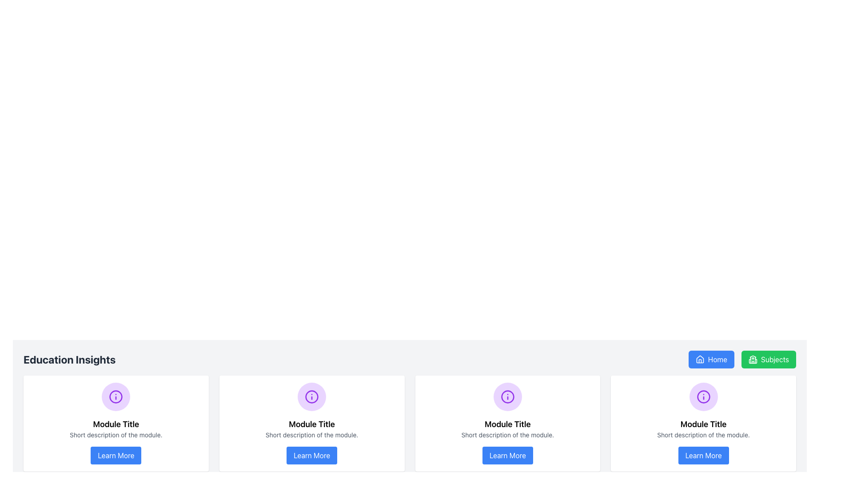 This screenshot has height=480, width=853. Describe the element at coordinates (752, 359) in the screenshot. I see `the icon located within the 'Subjects' button in the upper navigation bar` at that location.